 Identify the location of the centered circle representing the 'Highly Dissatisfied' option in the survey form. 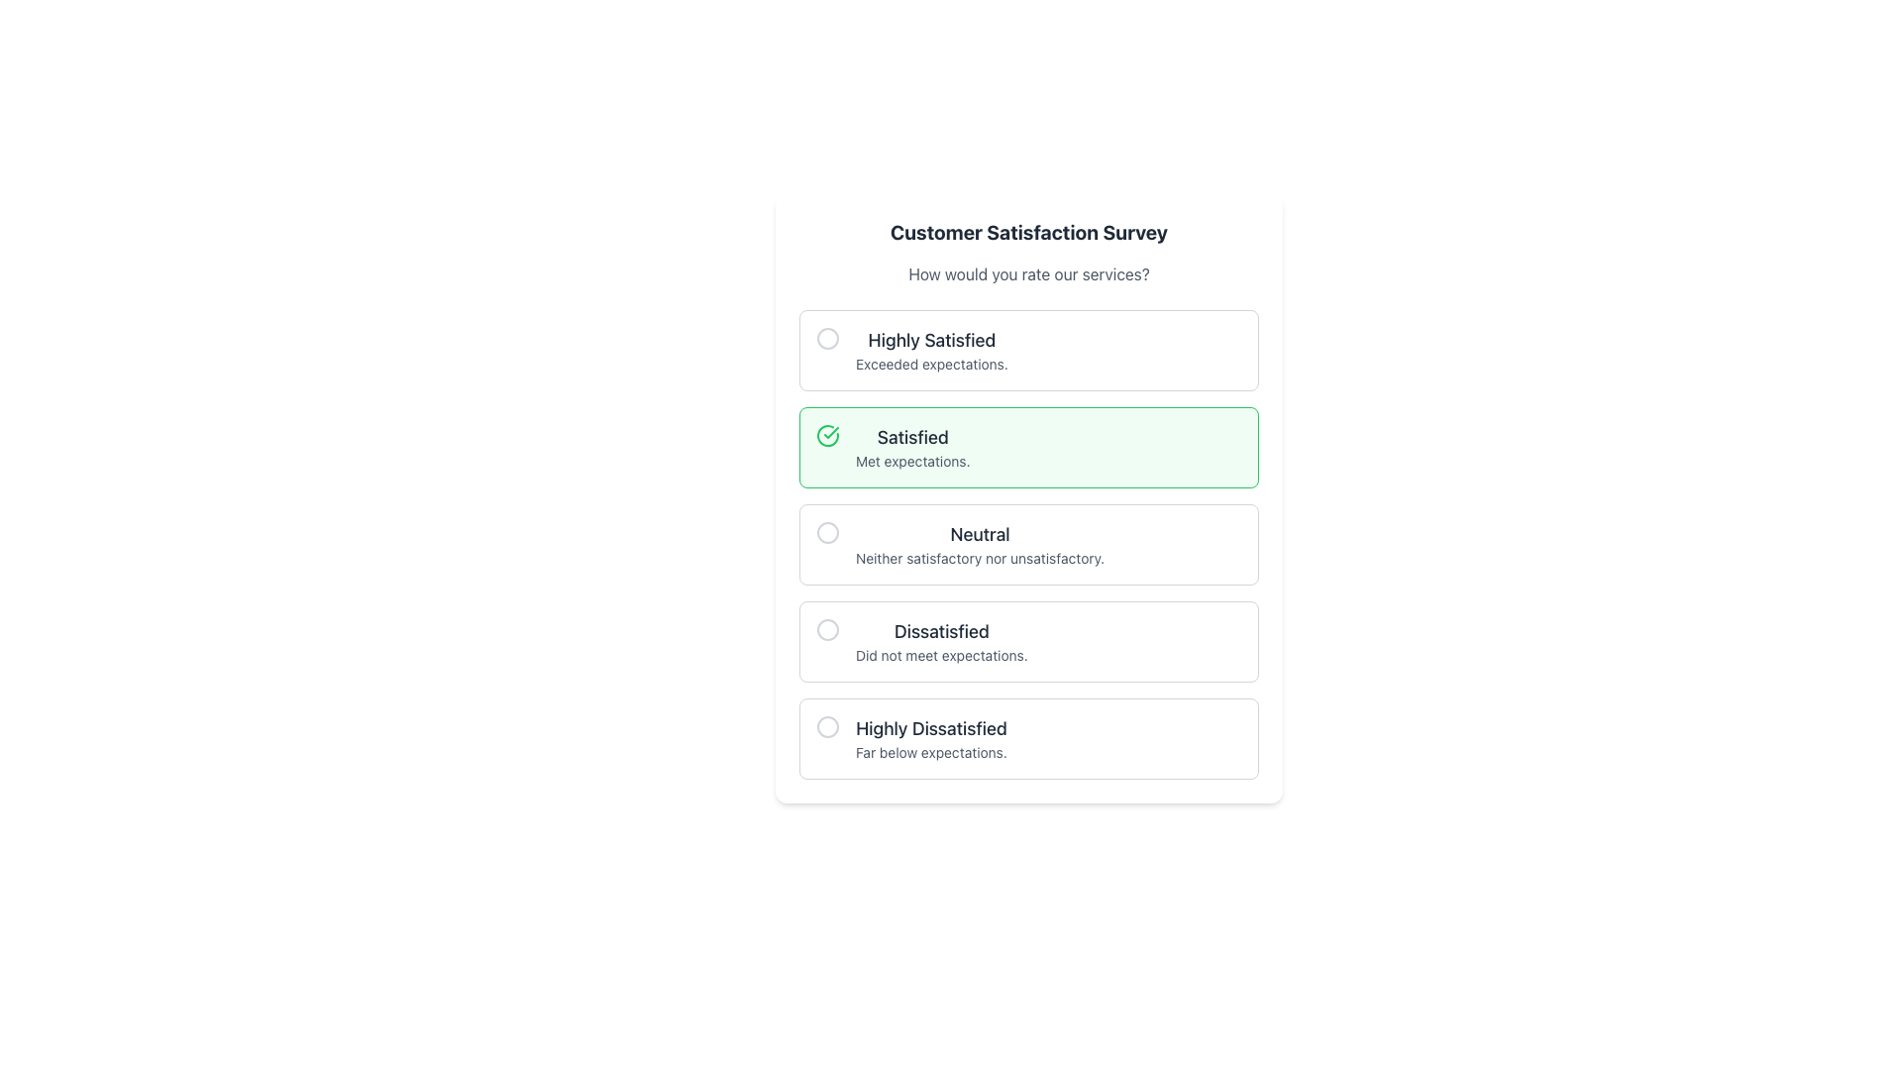
(827, 726).